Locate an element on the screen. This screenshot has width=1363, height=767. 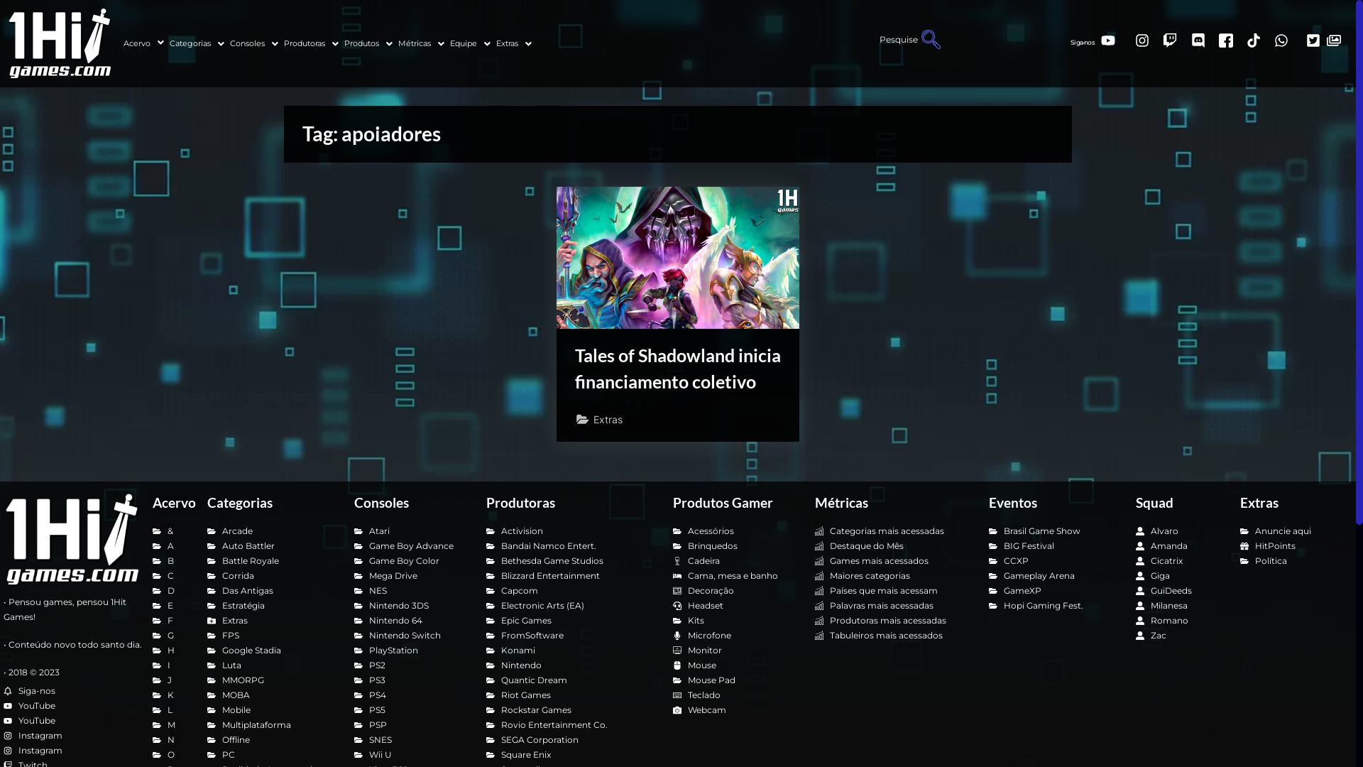
'Maiores categorias' is located at coordinates (893, 575).